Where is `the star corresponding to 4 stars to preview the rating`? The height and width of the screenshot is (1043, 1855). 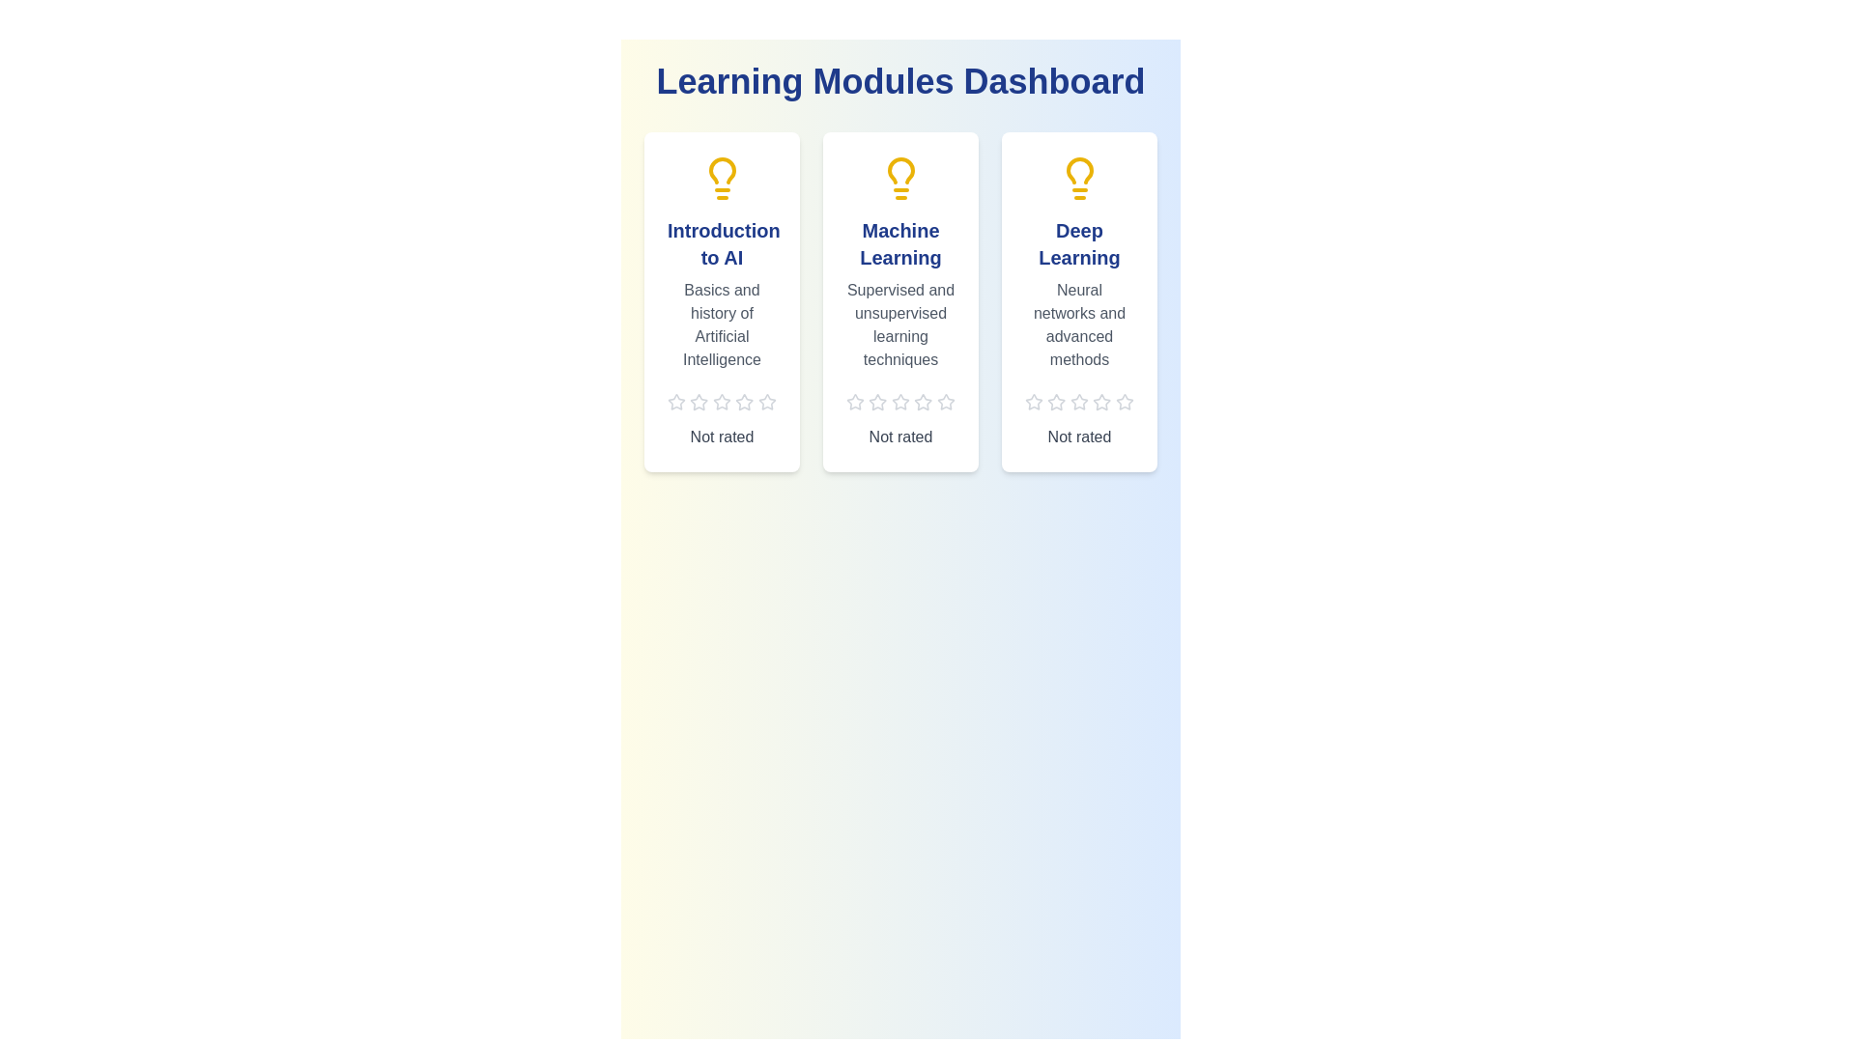
the star corresponding to 4 stars to preview the rating is located at coordinates (743, 401).